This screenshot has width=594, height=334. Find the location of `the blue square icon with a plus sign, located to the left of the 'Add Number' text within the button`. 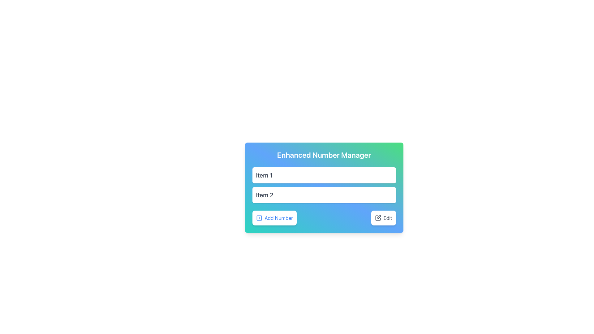

the blue square icon with a plus sign, located to the left of the 'Add Number' text within the button is located at coordinates (259, 218).